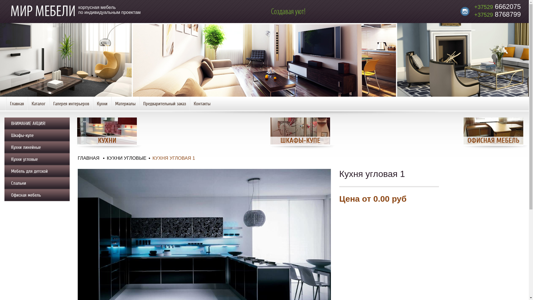  I want to click on '+37529 6662075', so click(497, 6).